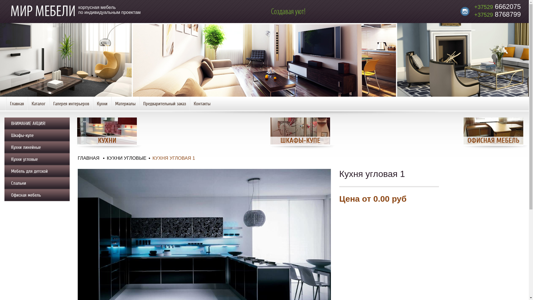  I want to click on '+37529 6662075', so click(497, 6).